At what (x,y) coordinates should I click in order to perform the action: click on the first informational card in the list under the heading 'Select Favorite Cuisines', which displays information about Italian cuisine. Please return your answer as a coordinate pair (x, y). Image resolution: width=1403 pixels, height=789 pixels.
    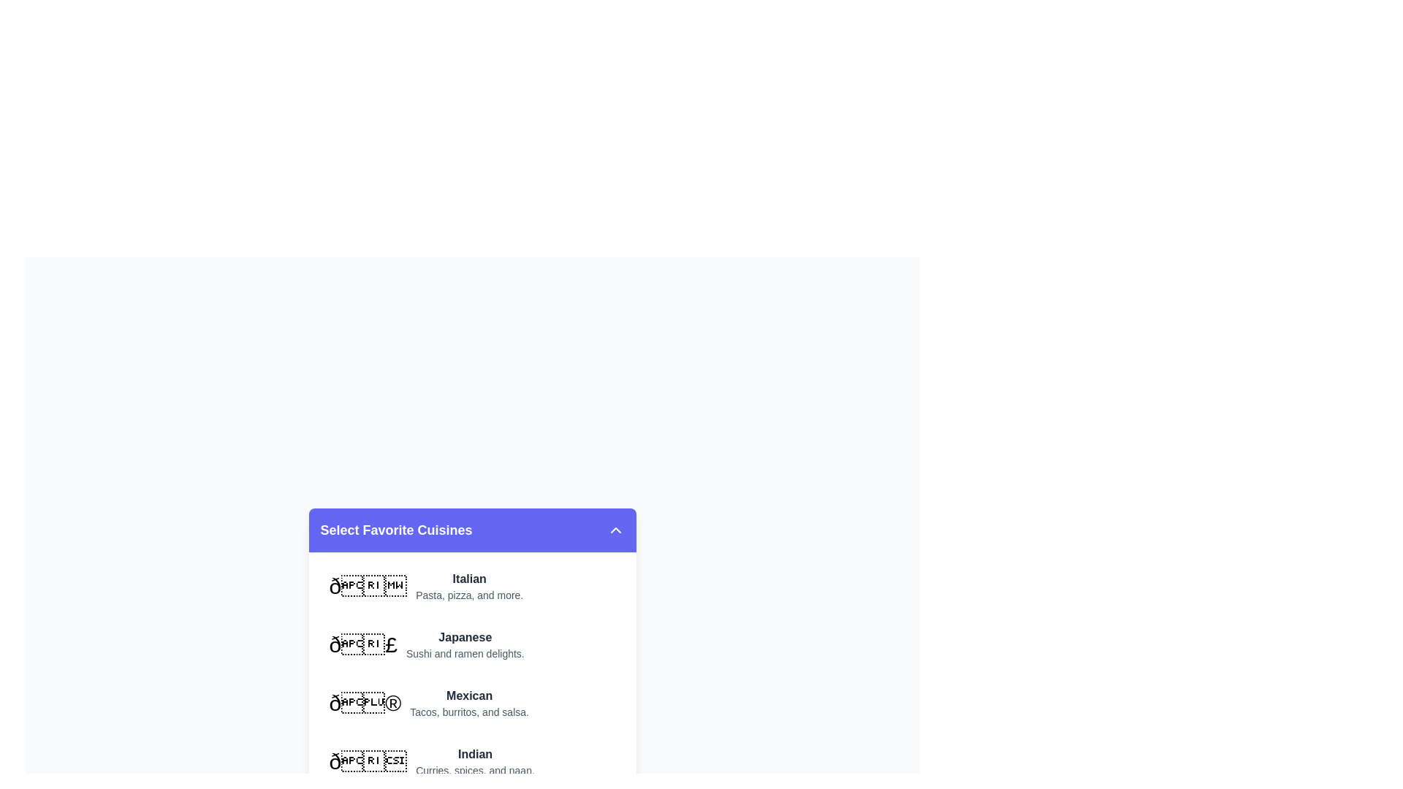
    Looking at the image, I should click on (425, 585).